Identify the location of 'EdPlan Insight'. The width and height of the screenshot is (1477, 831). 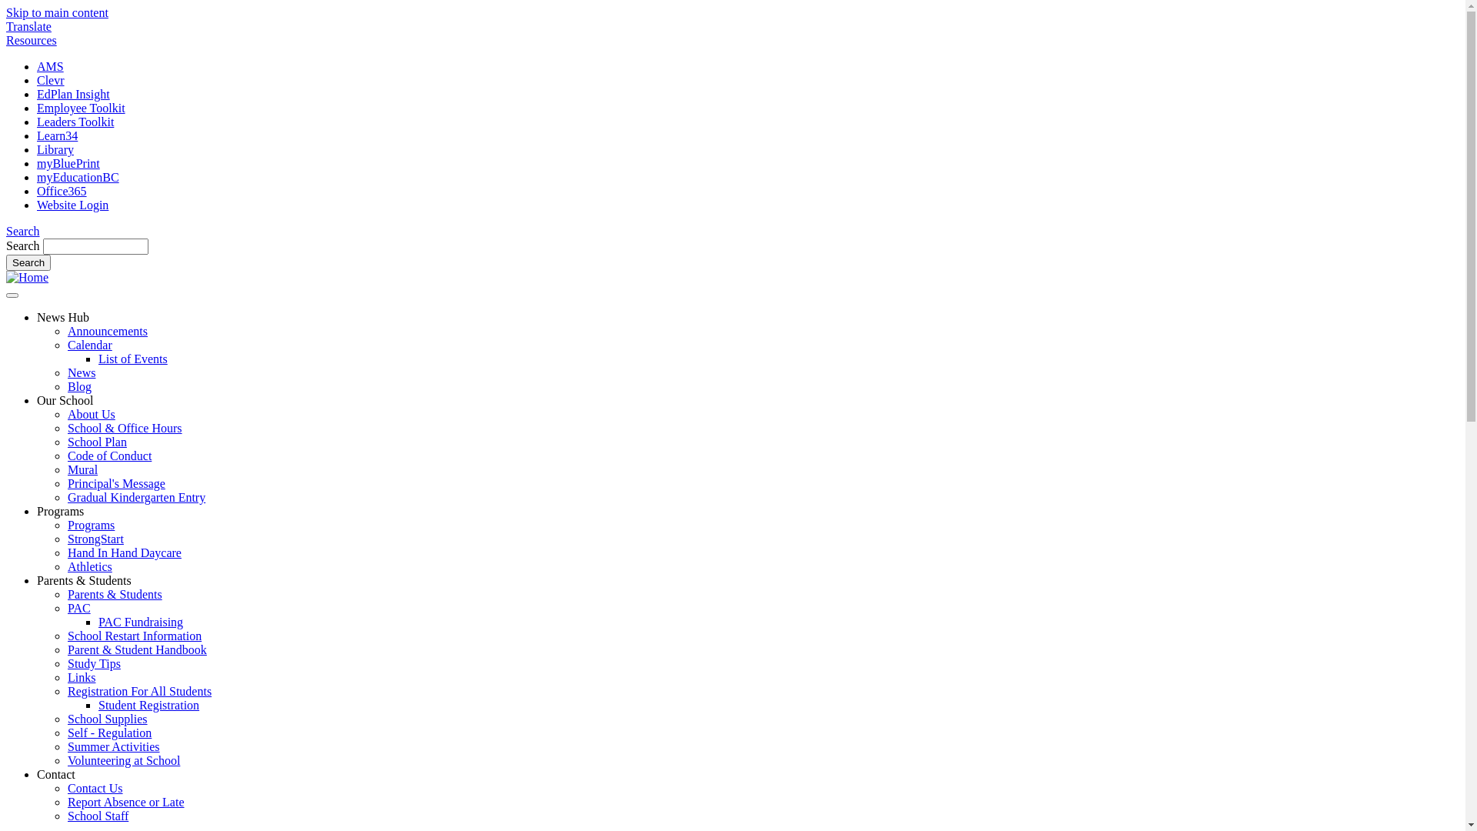
(72, 94).